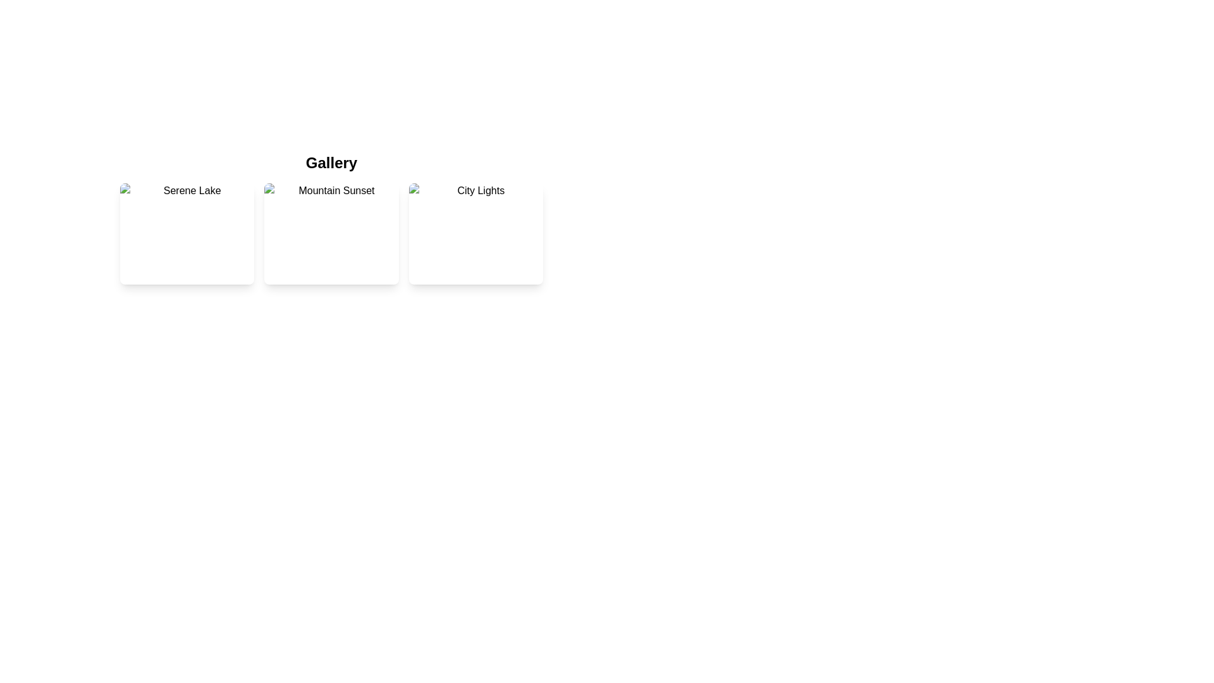 This screenshot has width=1214, height=683. What do you see at coordinates (475, 234) in the screenshot?
I see `the zoom button located at the bottom-center of the 'City Lights' card to trigger hover-specific effects` at bounding box center [475, 234].